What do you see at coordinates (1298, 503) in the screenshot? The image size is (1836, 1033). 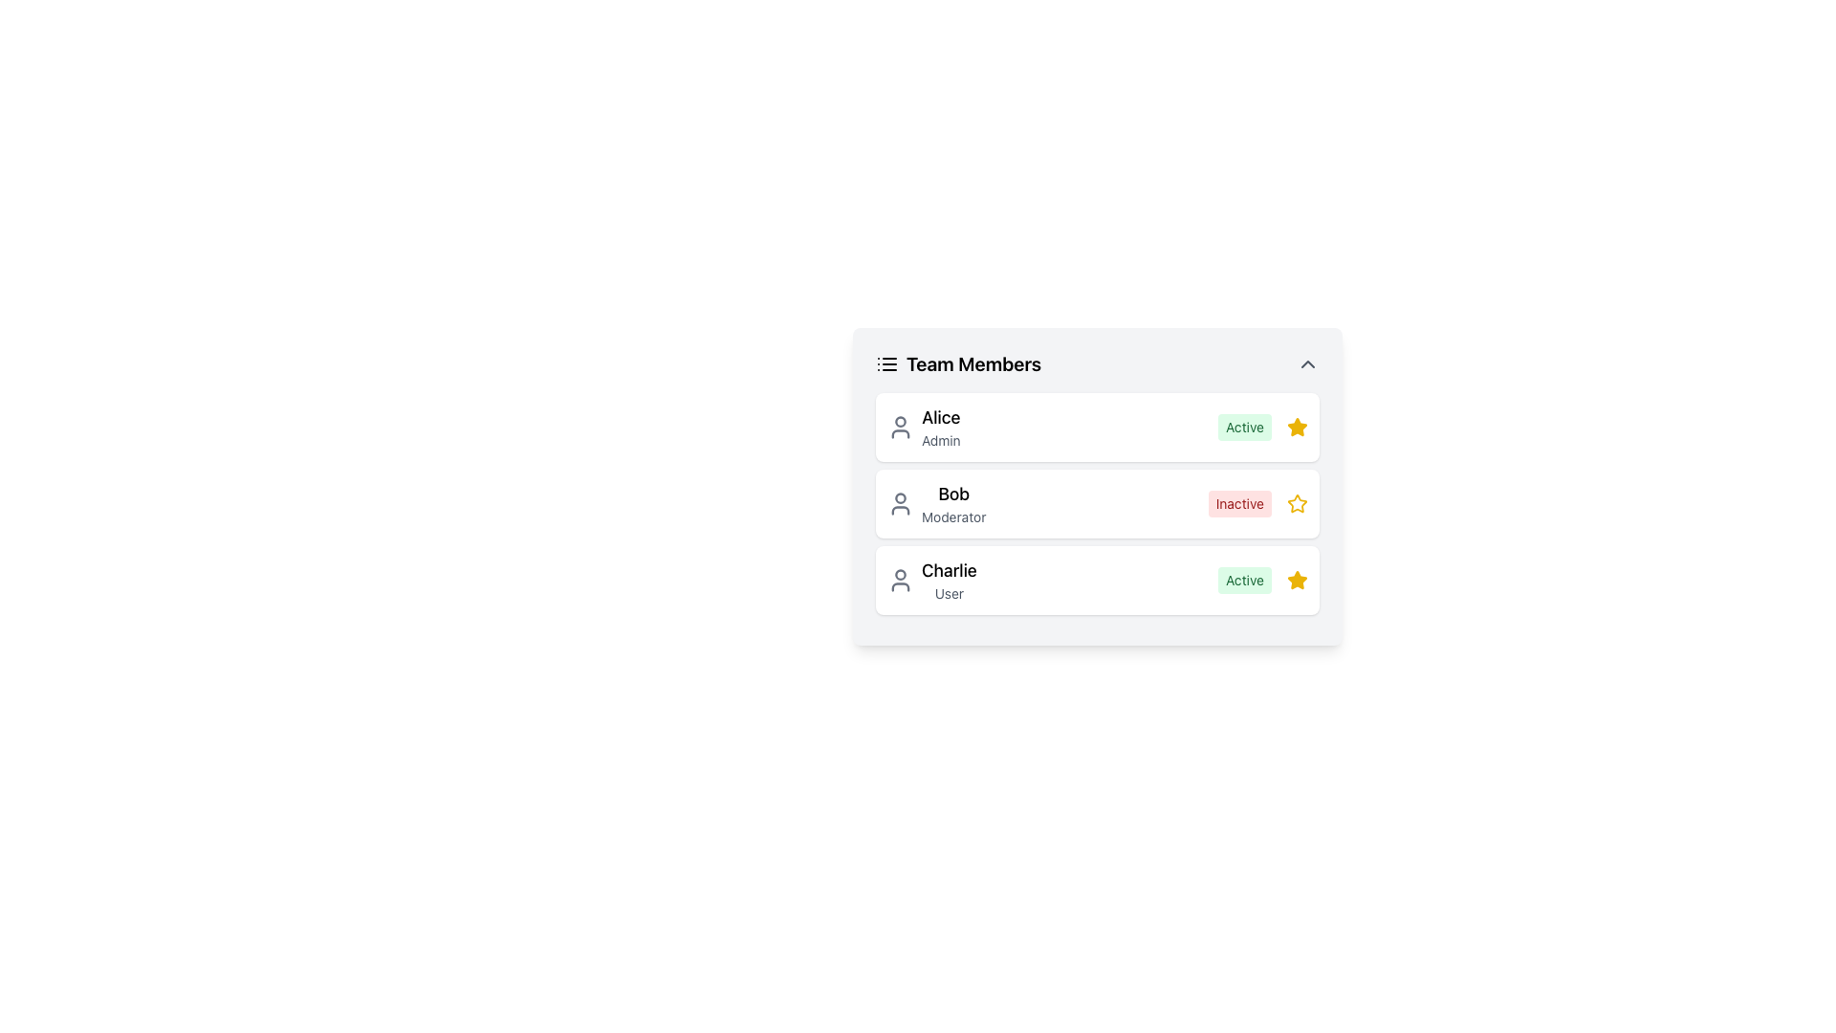 I see `the yellow-colored star icon` at bounding box center [1298, 503].